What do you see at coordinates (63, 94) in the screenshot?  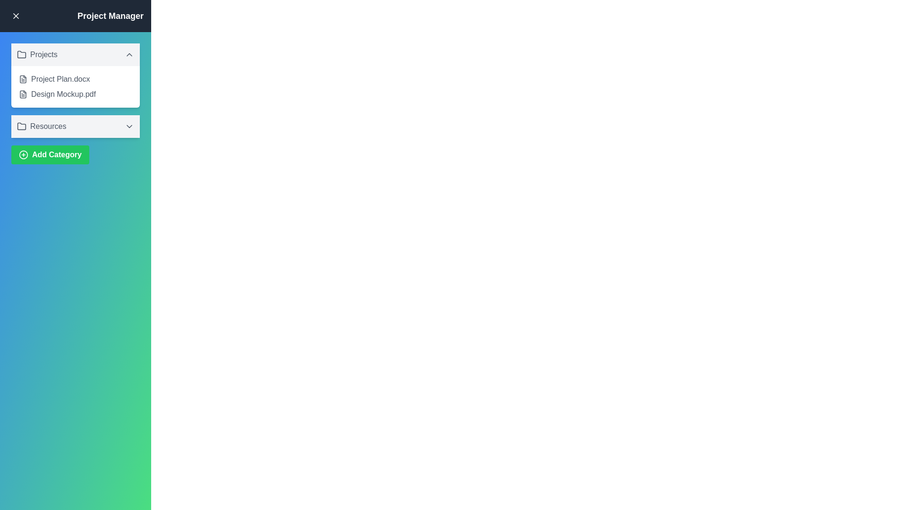 I see `the text label displaying 'Design Mockup.pdf' in the sidebar under the 'Projects' section` at bounding box center [63, 94].